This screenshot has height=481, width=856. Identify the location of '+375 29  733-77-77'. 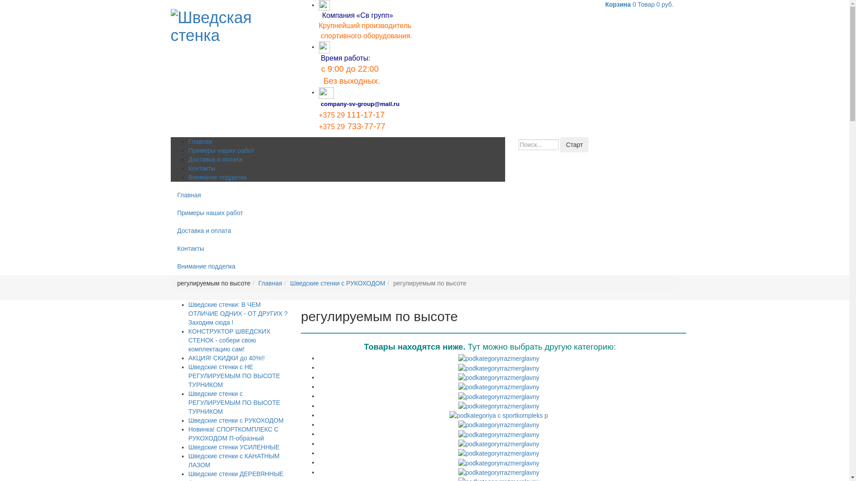
(351, 127).